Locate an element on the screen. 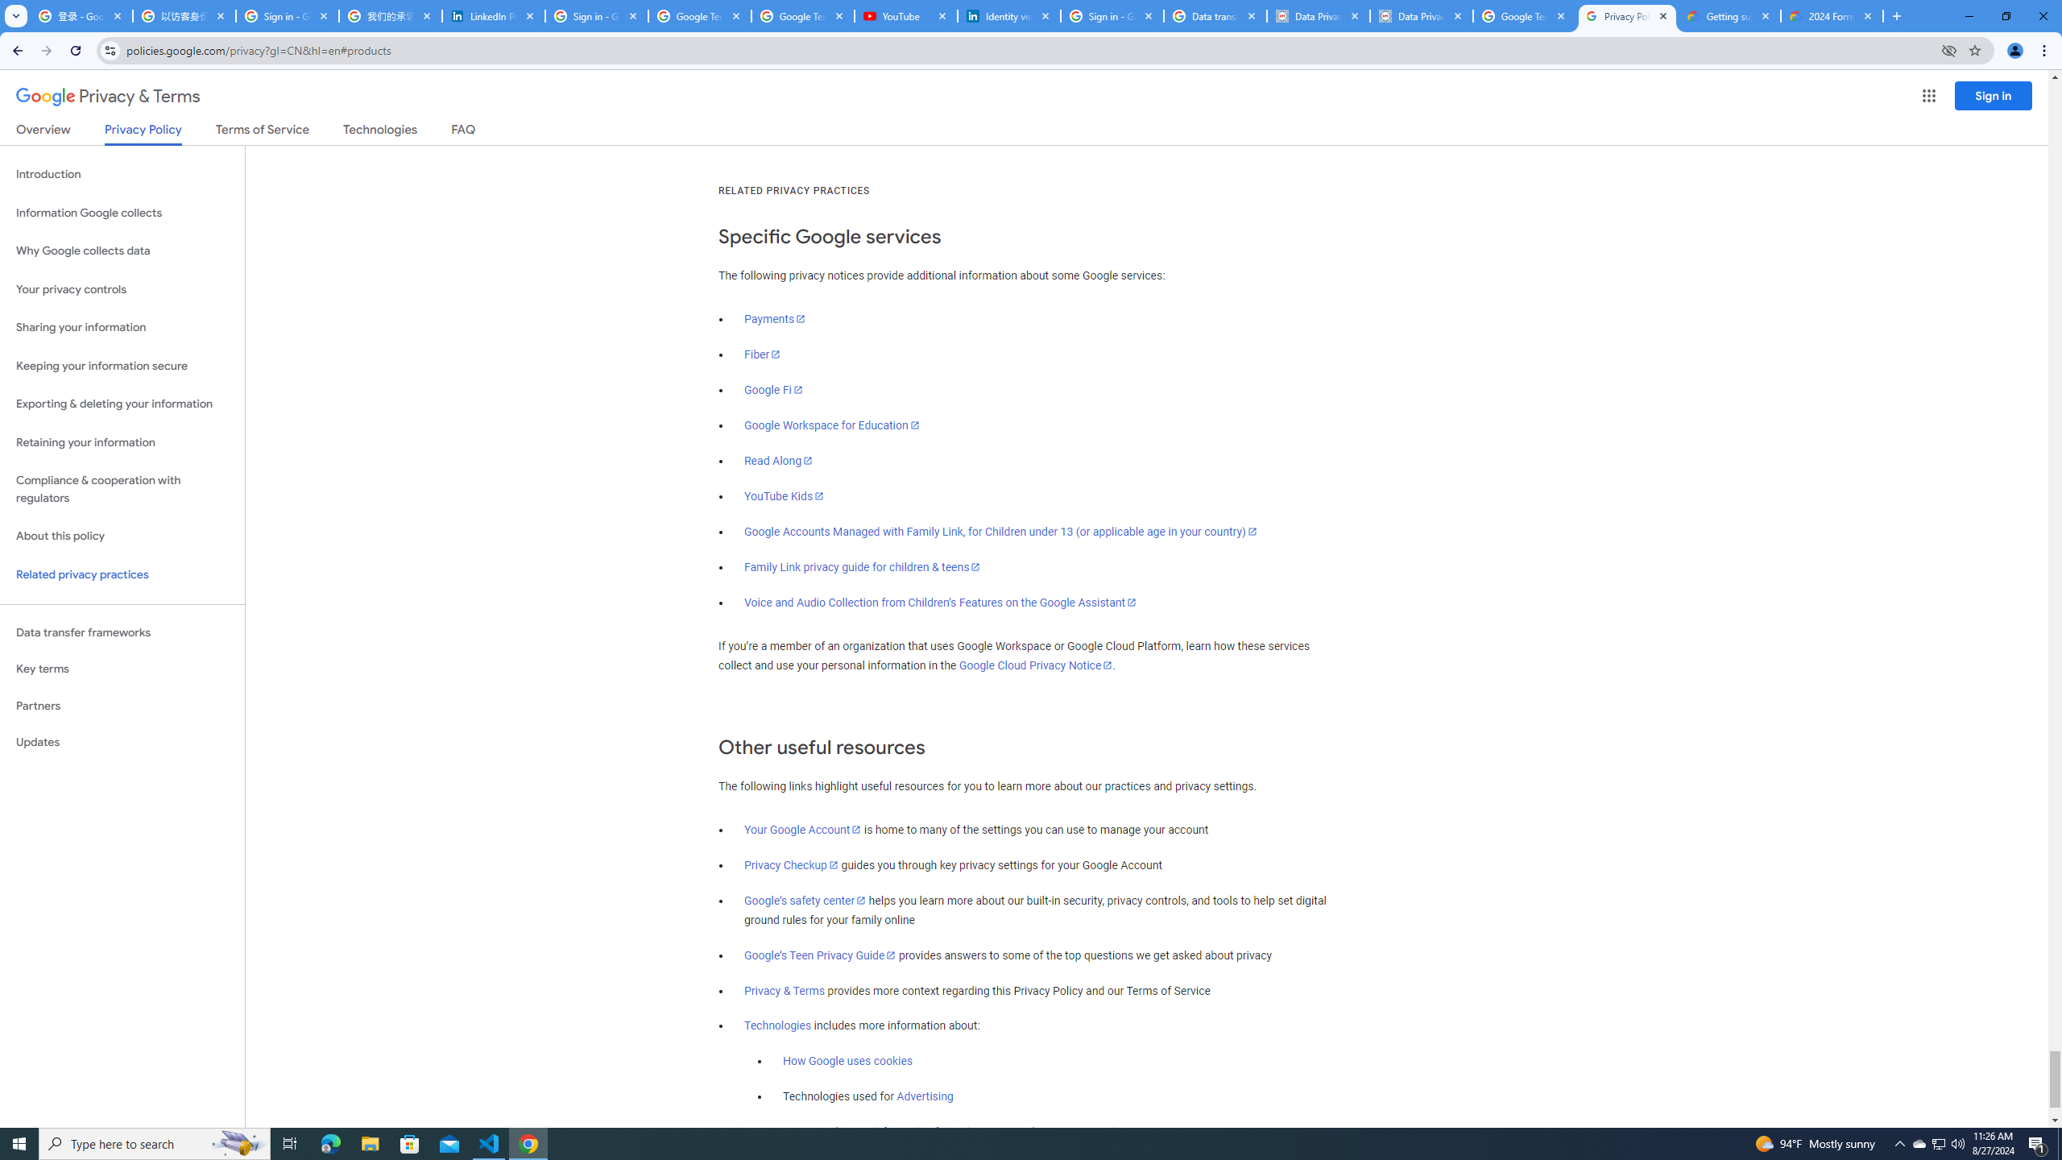 This screenshot has height=1160, width=2062. 'Google Workspace for Education' is located at coordinates (830, 424).